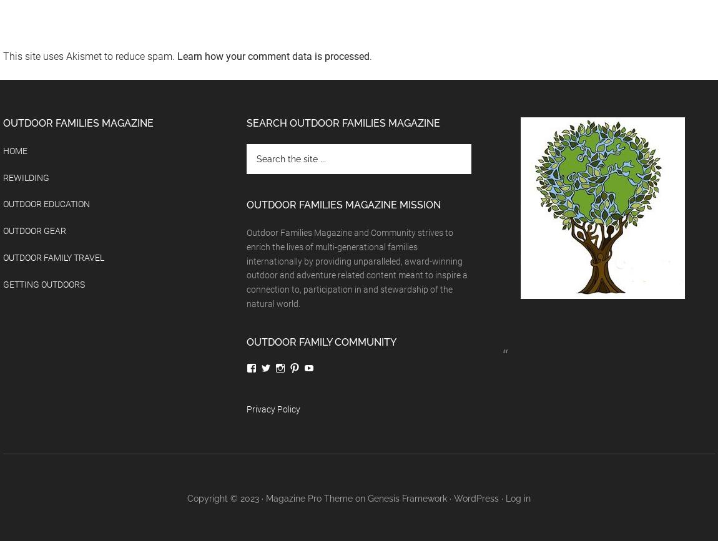  Describe the element at coordinates (343, 122) in the screenshot. I see `'Search Outdoor Families Magazine'` at that location.